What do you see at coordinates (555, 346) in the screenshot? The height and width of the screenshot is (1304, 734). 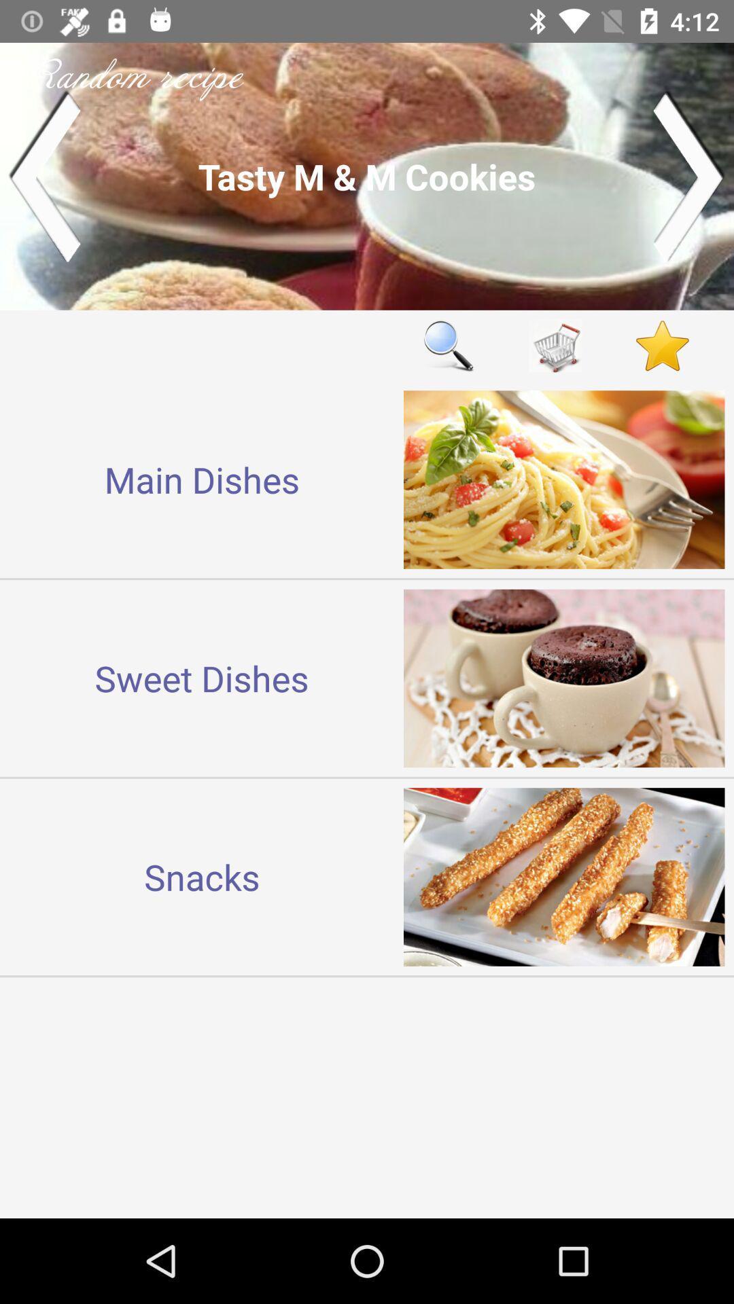 I see `open shopping cart` at bounding box center [555, 346].